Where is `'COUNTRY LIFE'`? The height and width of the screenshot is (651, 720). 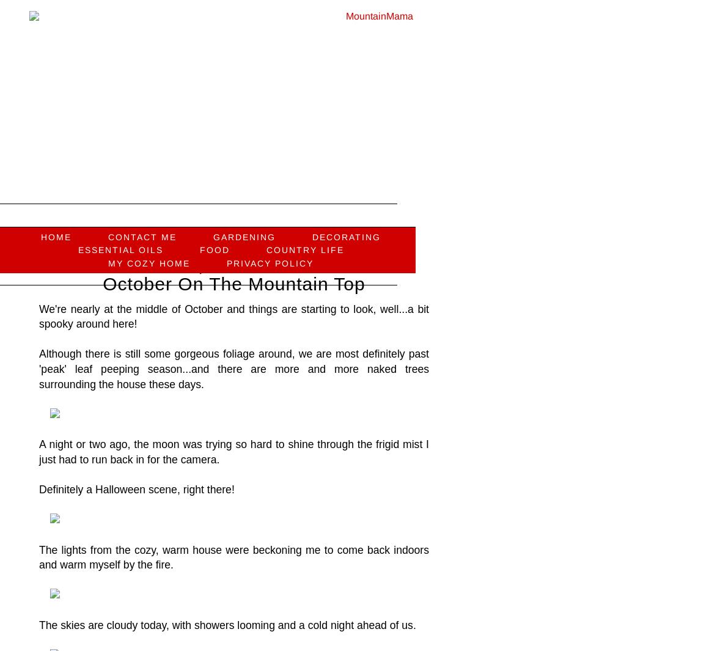
'COUNTRY LIFE' is located at coordinates (304, 249).